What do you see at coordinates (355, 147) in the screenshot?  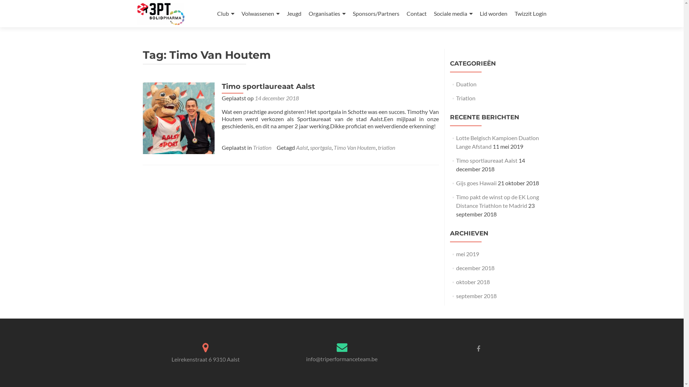 I see `'Timo Van Houtem'` at bounding box center [355, 147].